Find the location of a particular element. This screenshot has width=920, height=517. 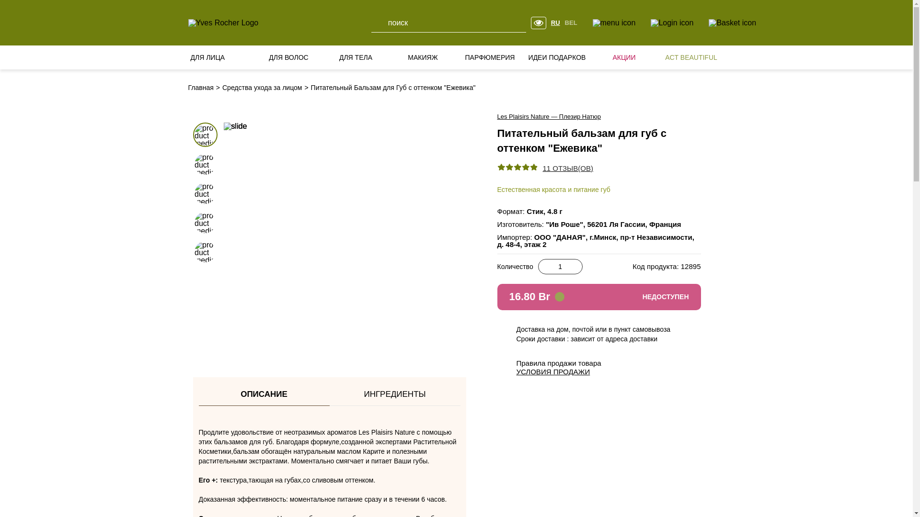

'ACT BEAUTIFUL' is located at coordinates (662, 57).